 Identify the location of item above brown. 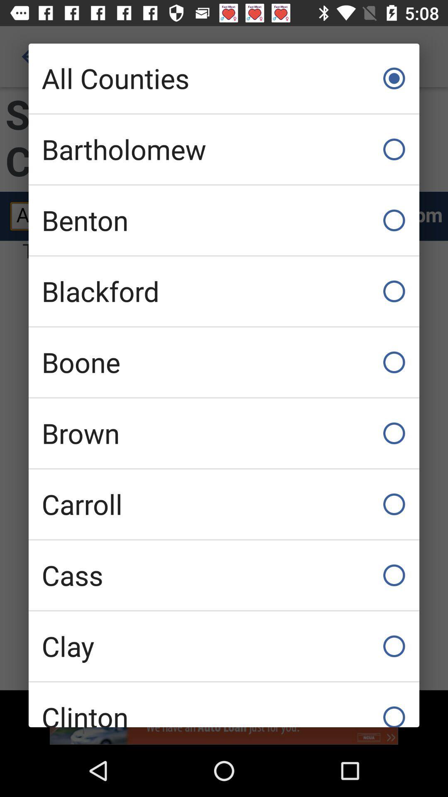
(224, 362).